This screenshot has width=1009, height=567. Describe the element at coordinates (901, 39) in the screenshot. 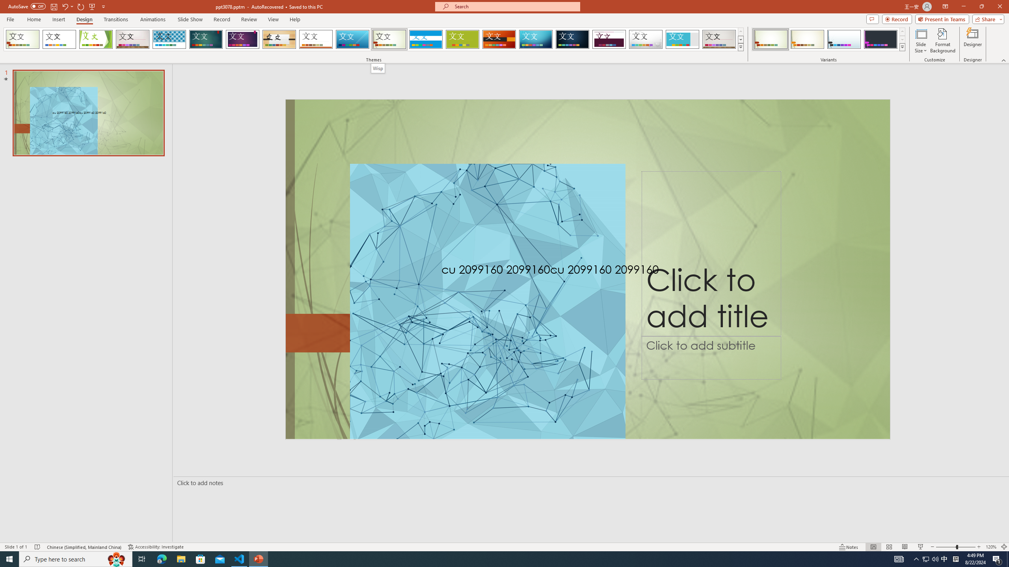

I see `'Row Down'` at that location.